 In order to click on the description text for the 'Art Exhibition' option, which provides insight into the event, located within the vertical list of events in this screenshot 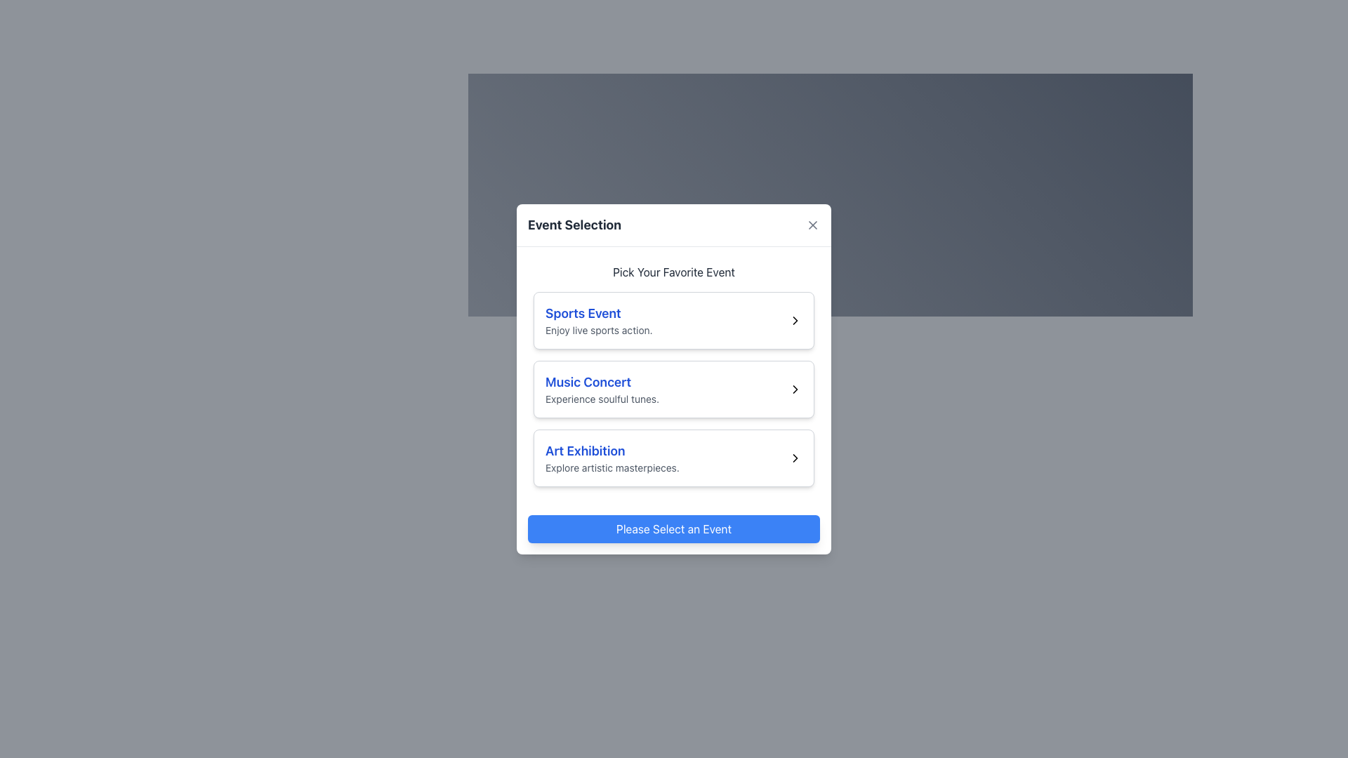, I will do `click(612, 467)`.